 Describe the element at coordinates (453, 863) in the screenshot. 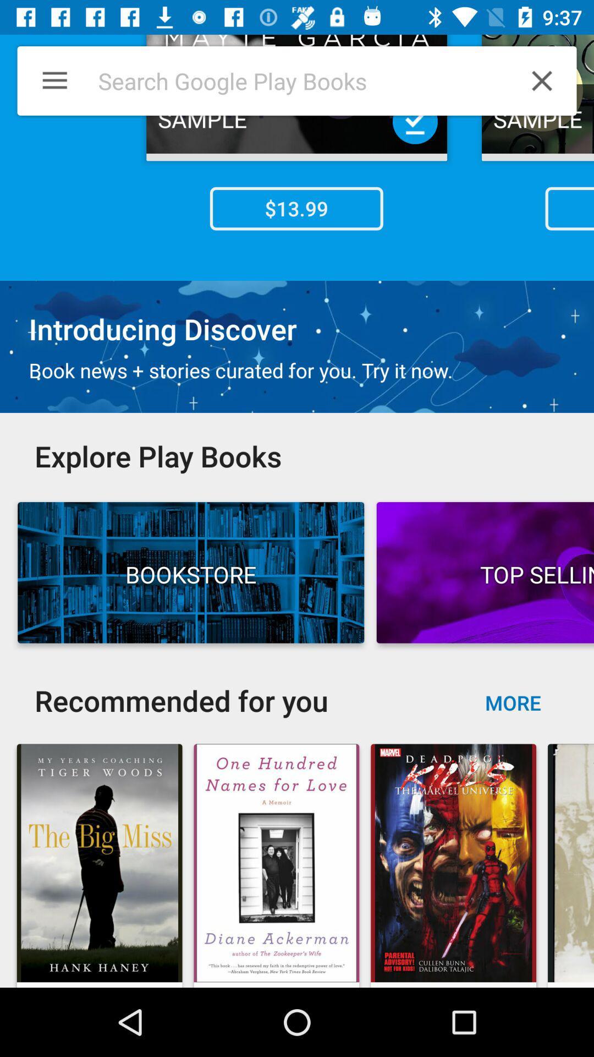

I see `the image below the button more on the web page` at that location.